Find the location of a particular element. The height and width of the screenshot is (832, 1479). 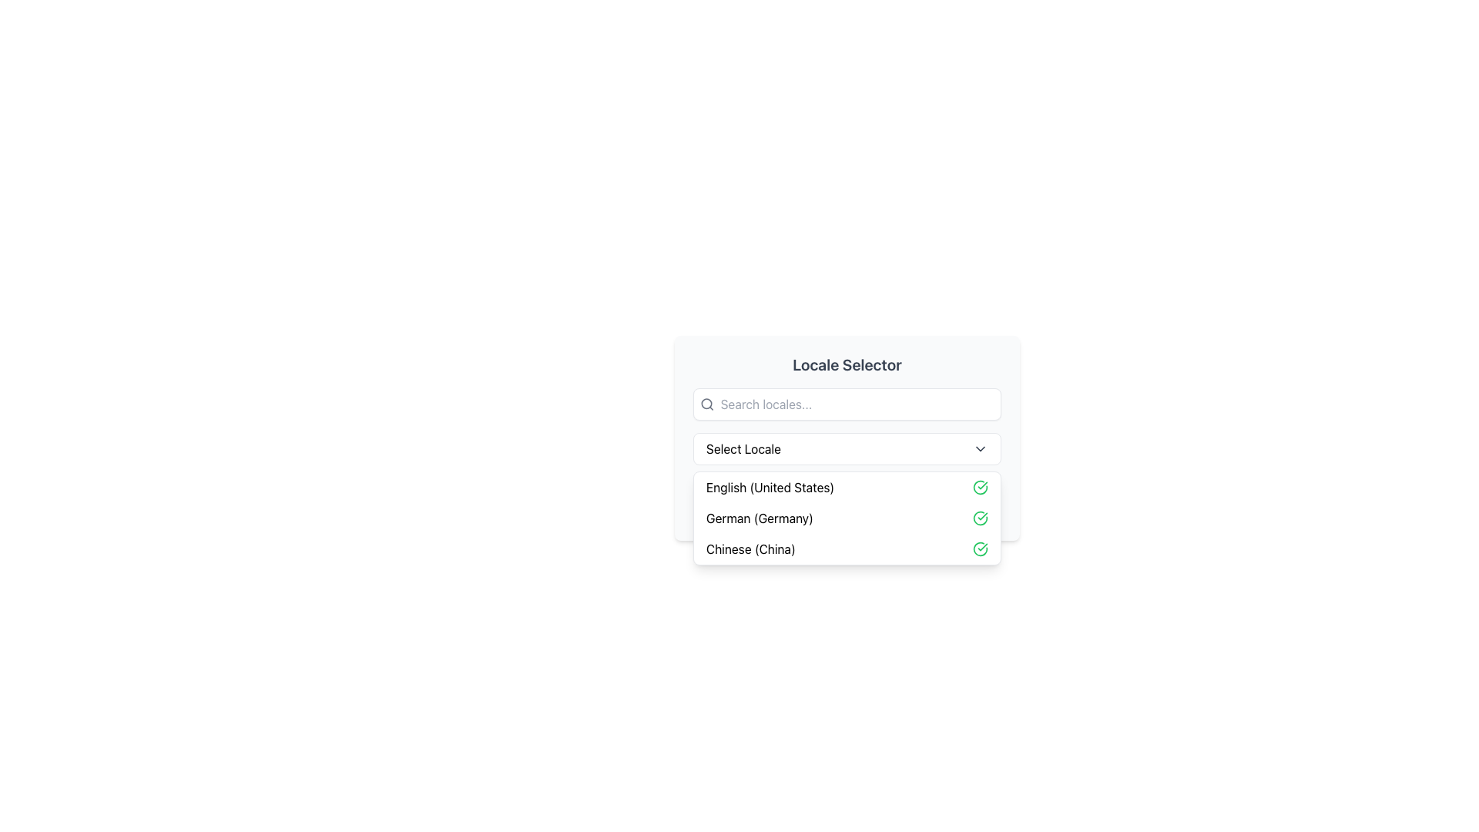

the green circular icon with a checkmark inside it, located to the far right of the 'German (Germany)' text option in the dropdown list, to deselect it is located at coordinates (979, 518).